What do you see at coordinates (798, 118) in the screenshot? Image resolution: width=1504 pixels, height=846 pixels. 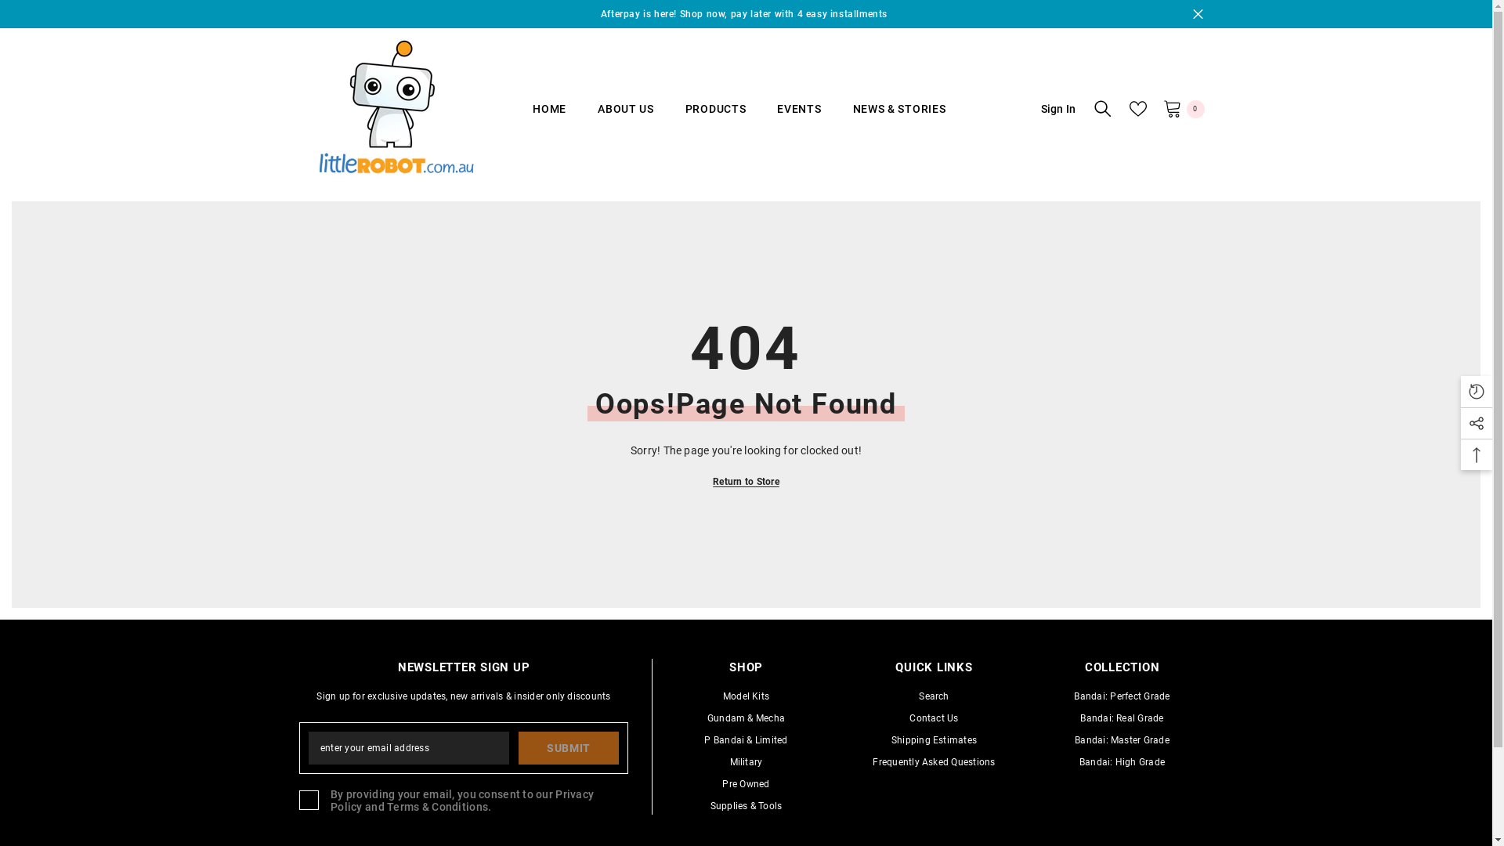 I see `'EVENTS'` at bounding box center [798, 118].